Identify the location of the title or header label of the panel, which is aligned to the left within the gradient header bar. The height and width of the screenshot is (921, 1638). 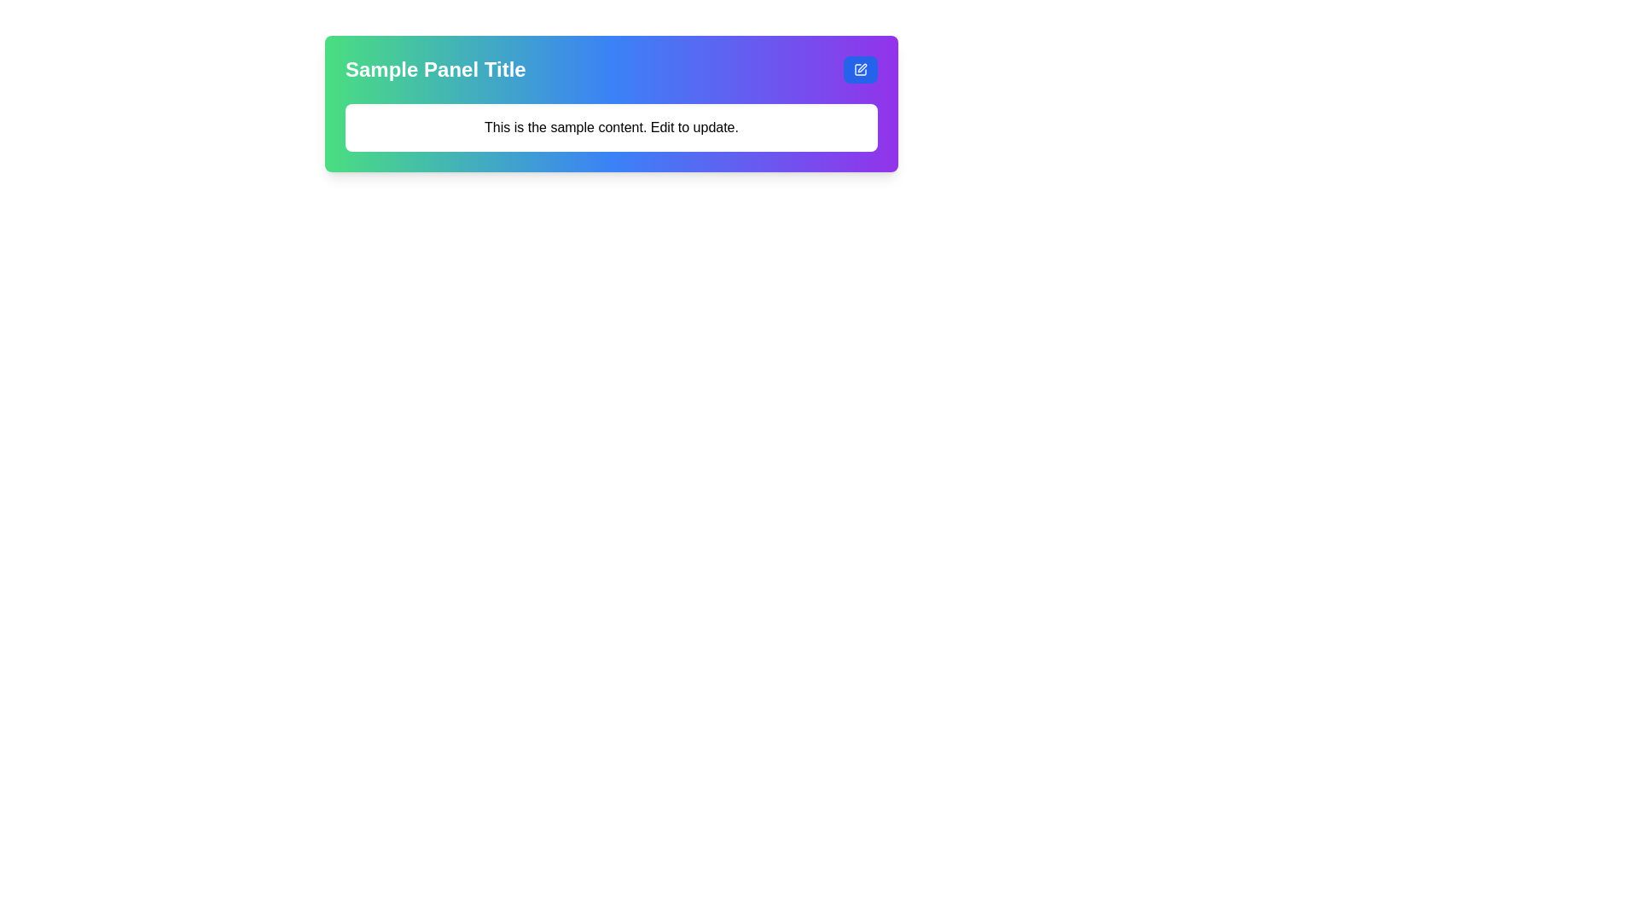
(435, 68).